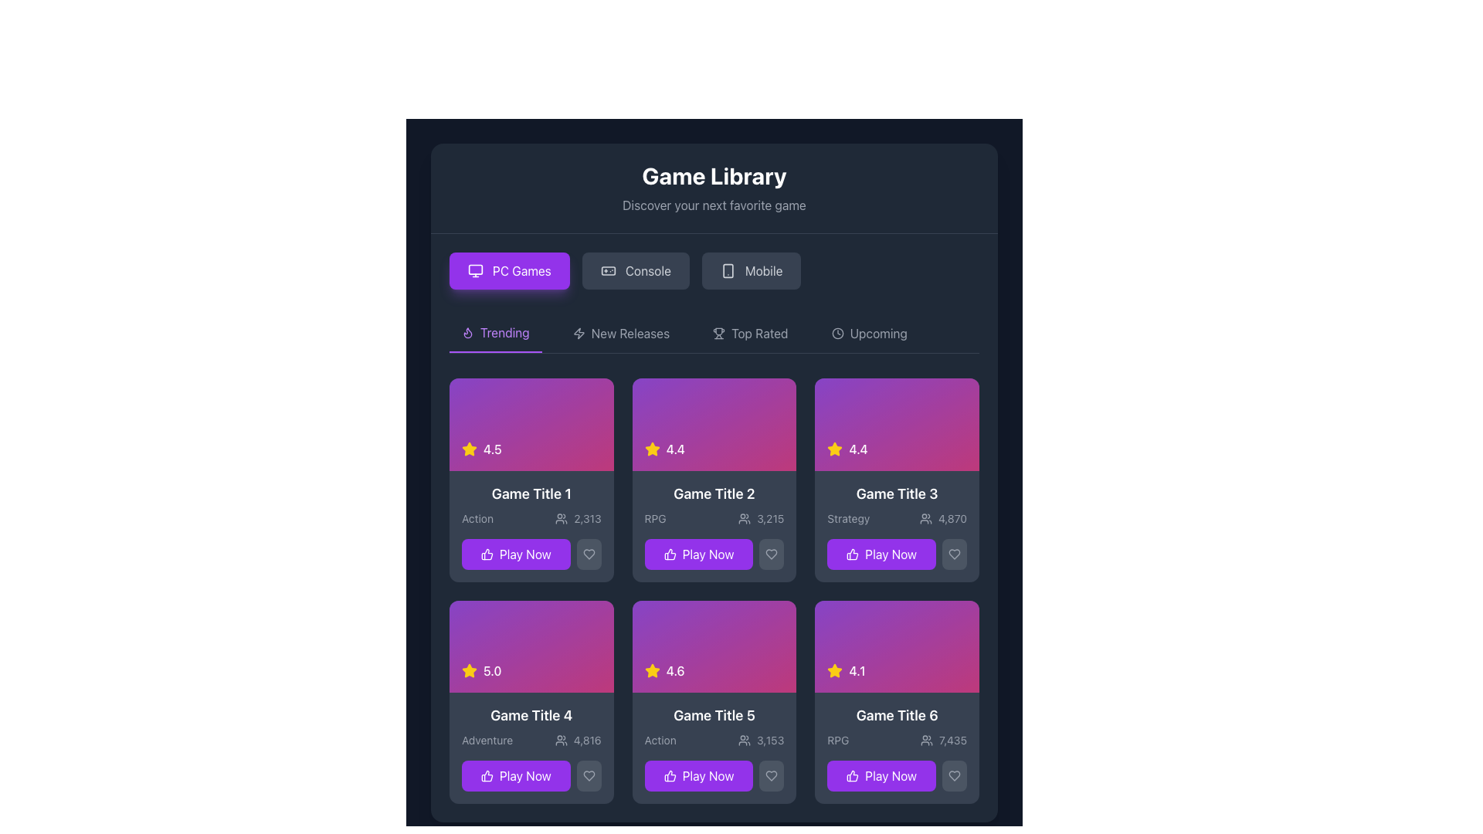 Image resolution: width=1483 pixels, height=834 pixels. What do you see at coordinates (772, 553) in the screenshot?
I see `the rounded rectangular button with a gray background and a white heart icon, located in the footer of 'Game Title 2', to observe the hover effect` at bounding box center [772, 553].